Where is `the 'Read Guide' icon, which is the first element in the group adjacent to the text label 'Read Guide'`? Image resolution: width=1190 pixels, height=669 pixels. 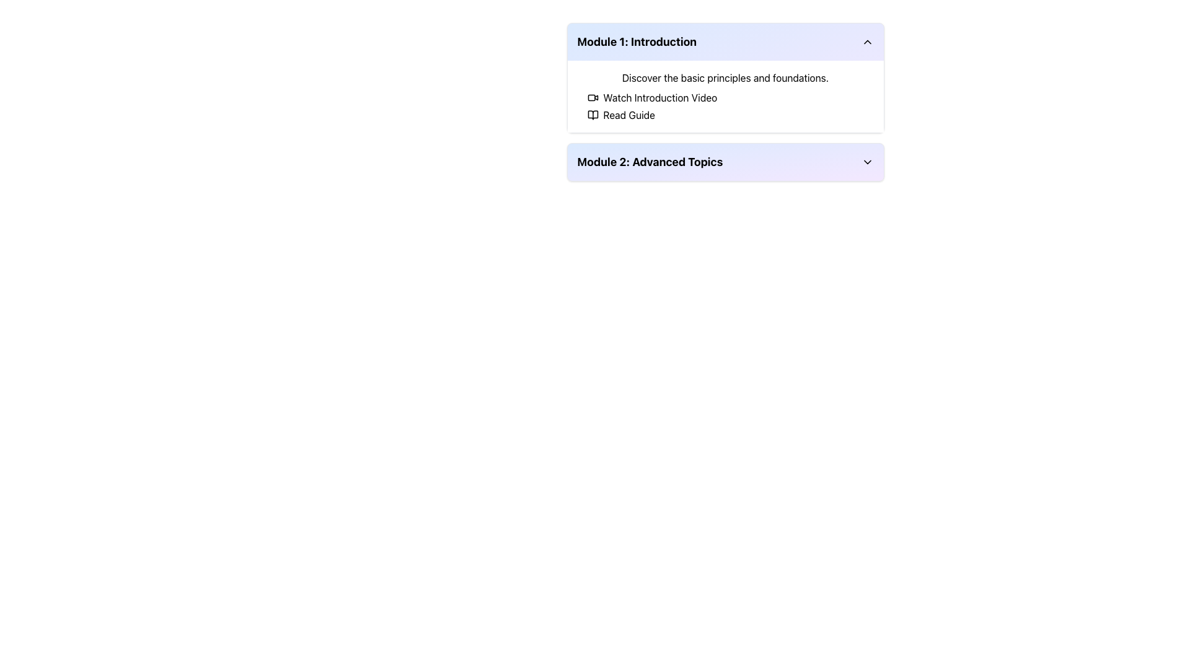 the 'Read Guide' icon, which is the first element in the group adjacent to the text label 'Read Guide' is located at coordinates (592, 115).